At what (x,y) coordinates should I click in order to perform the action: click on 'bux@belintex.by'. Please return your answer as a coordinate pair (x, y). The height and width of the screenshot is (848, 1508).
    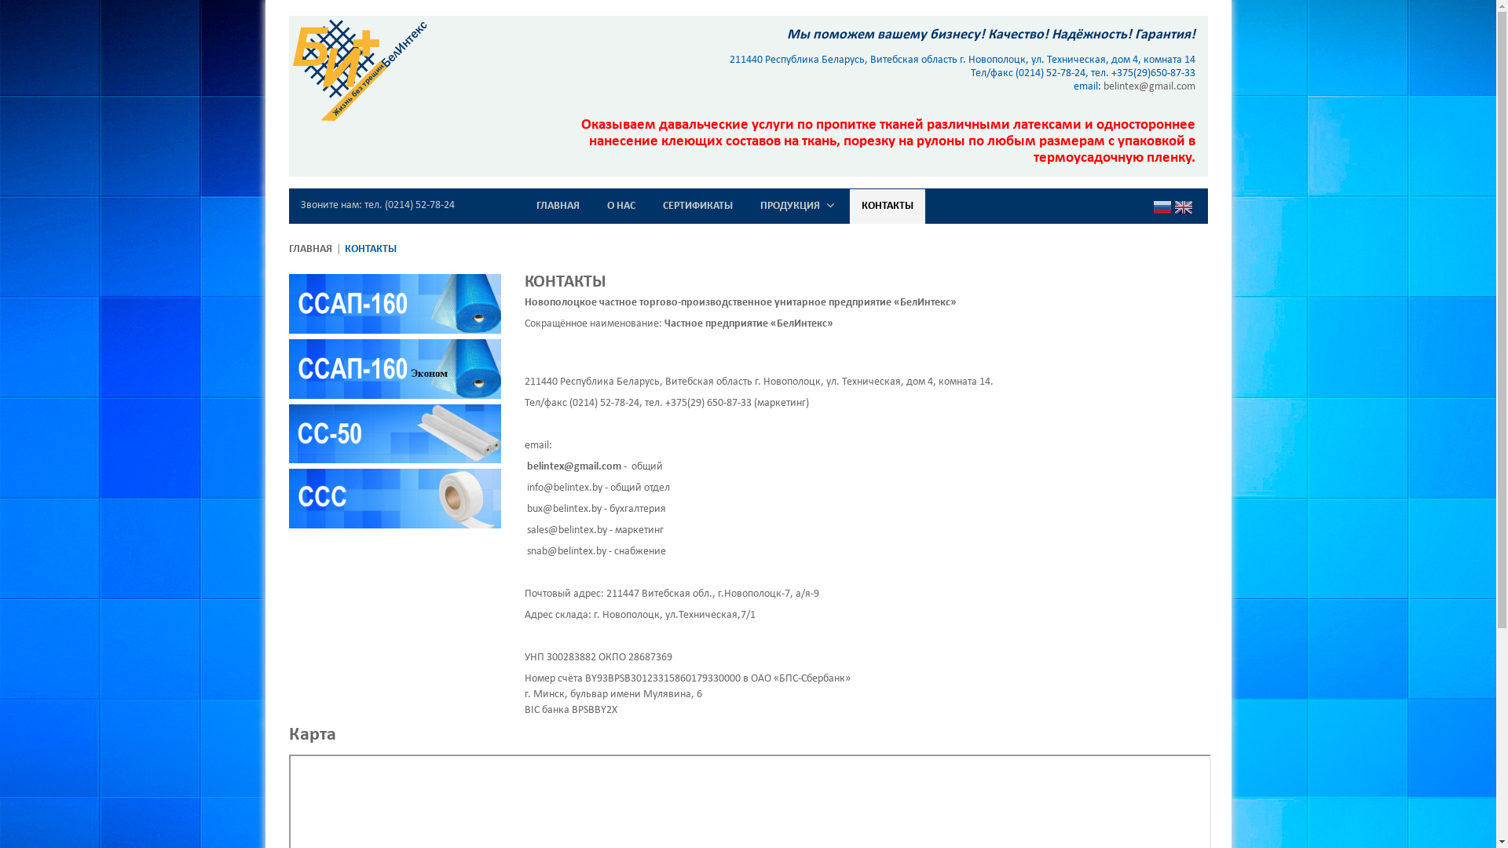
    Looking at the image, I should click on (563, 509).